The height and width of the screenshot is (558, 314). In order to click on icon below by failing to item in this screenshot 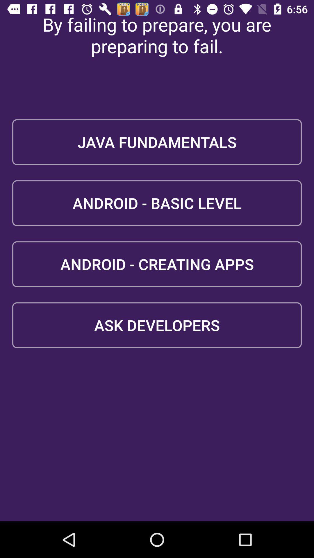, I will do `click(157, 142)`.